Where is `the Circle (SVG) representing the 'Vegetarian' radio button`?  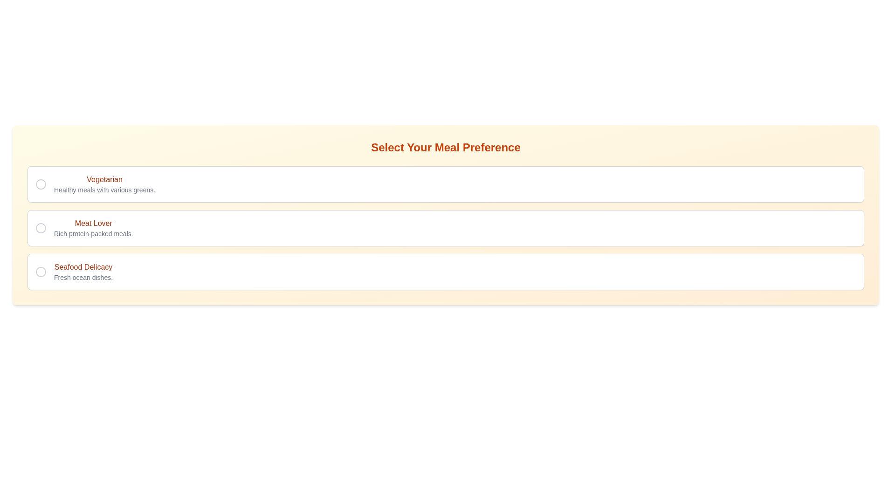
the Circle (SVG) representing the 'Vegetarian' radio button is located at coordinates (40, 184).